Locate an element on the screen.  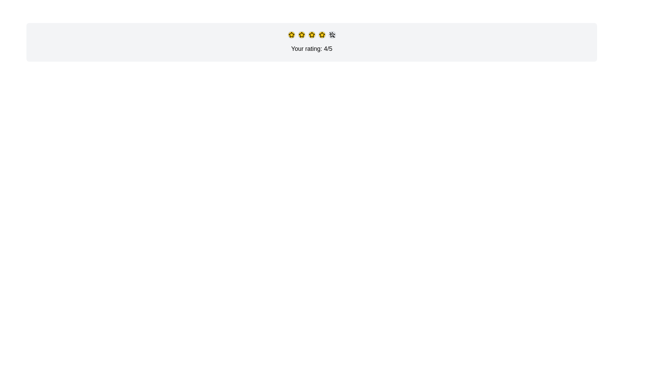
the second star icon in the rating system is located at coordinates (321, 35).